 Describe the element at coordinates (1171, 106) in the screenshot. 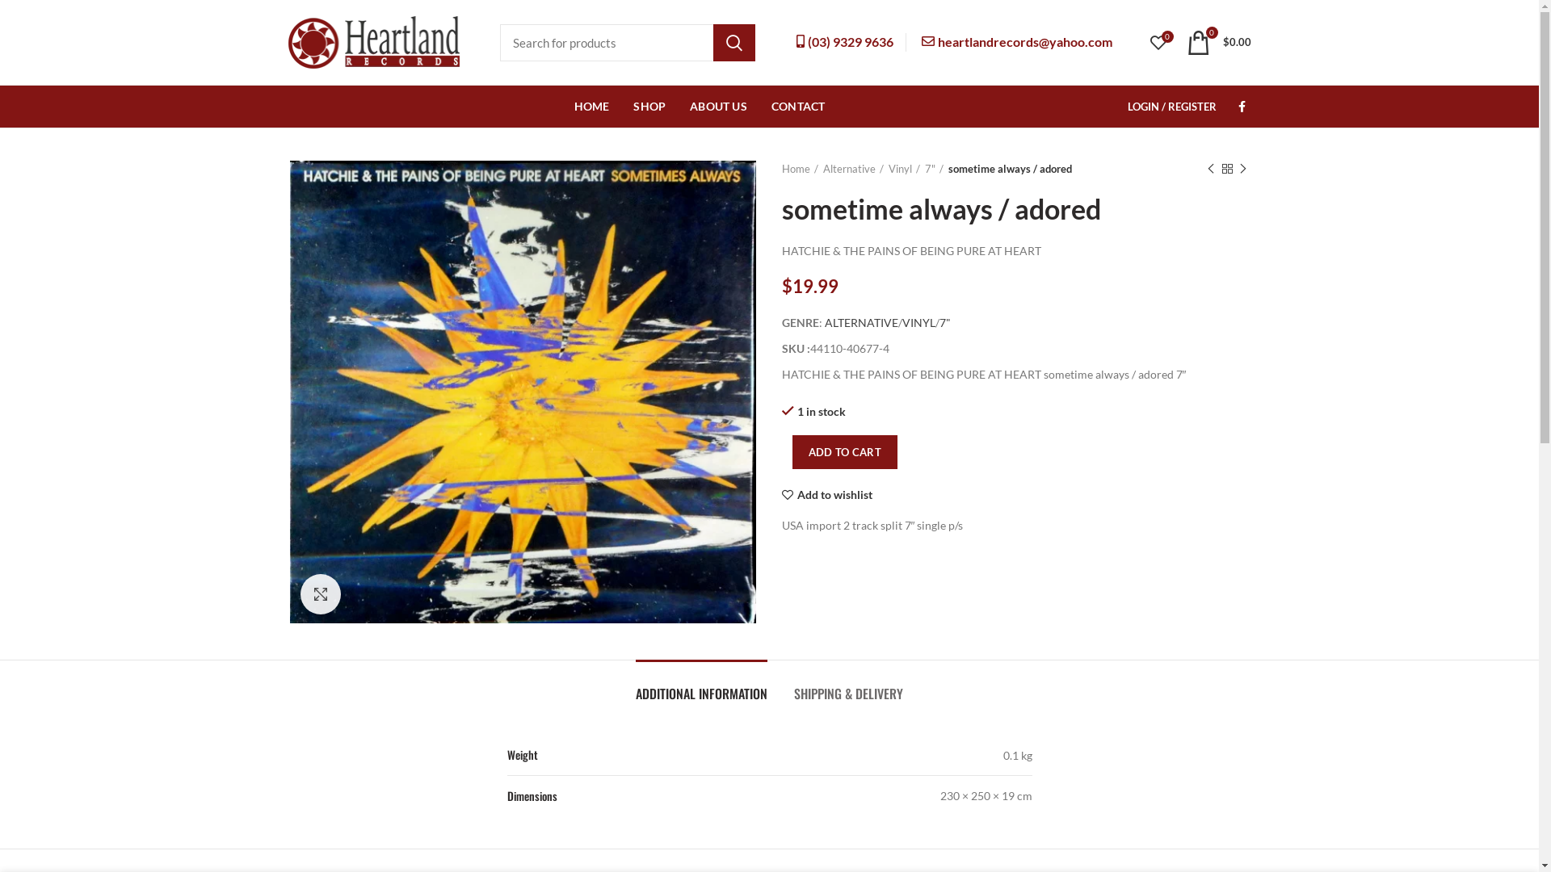

I see `'LOGIN / REGISTER'` at that location.